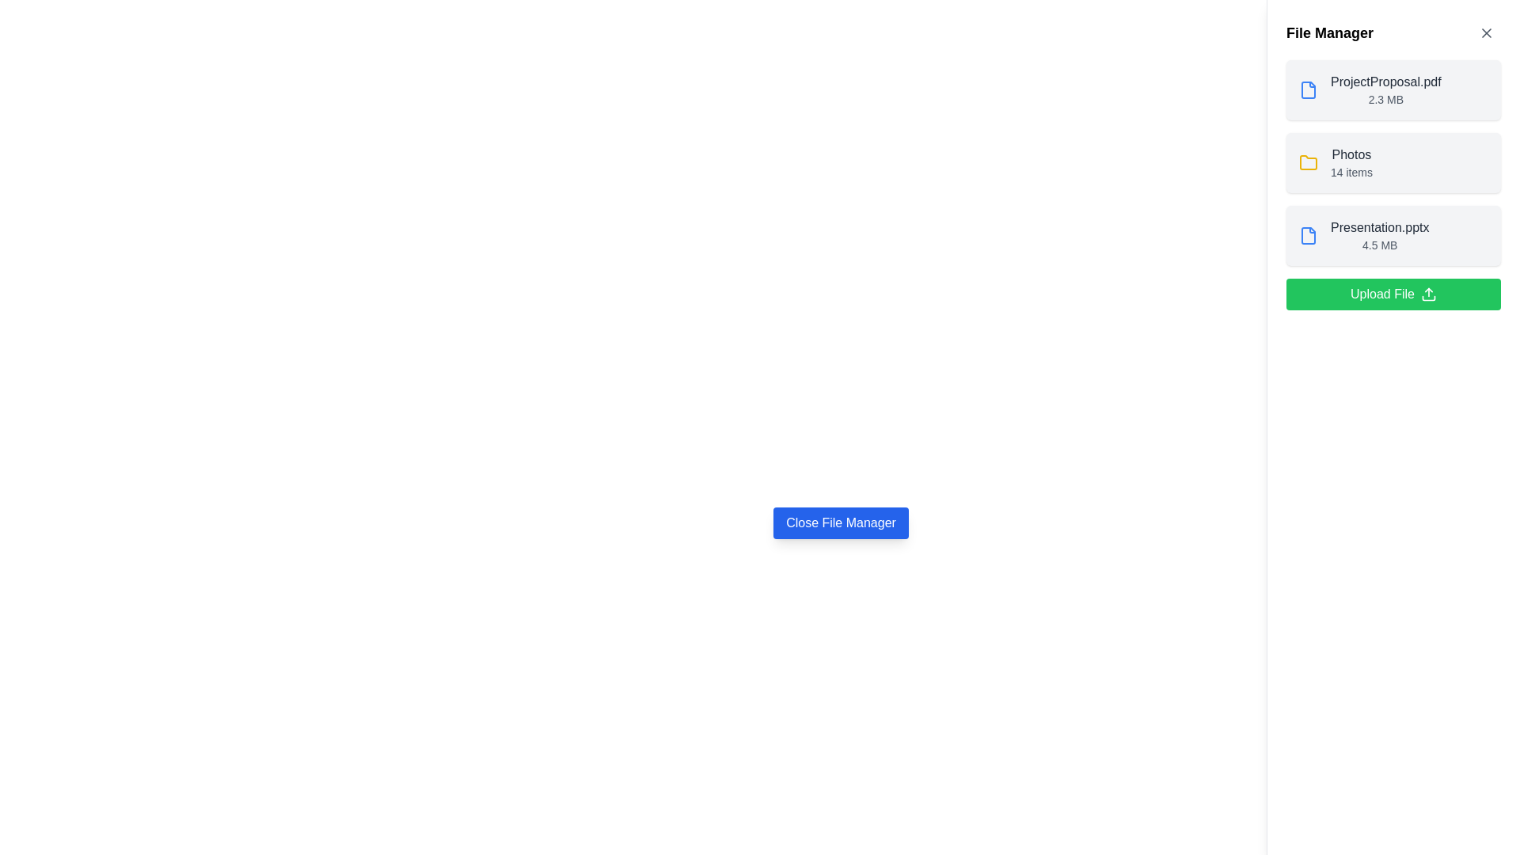  Describe the element at coordinates (1379, 235) in the screenshot. I see `the file item labeled 'Presentation.pptx'` at that location.